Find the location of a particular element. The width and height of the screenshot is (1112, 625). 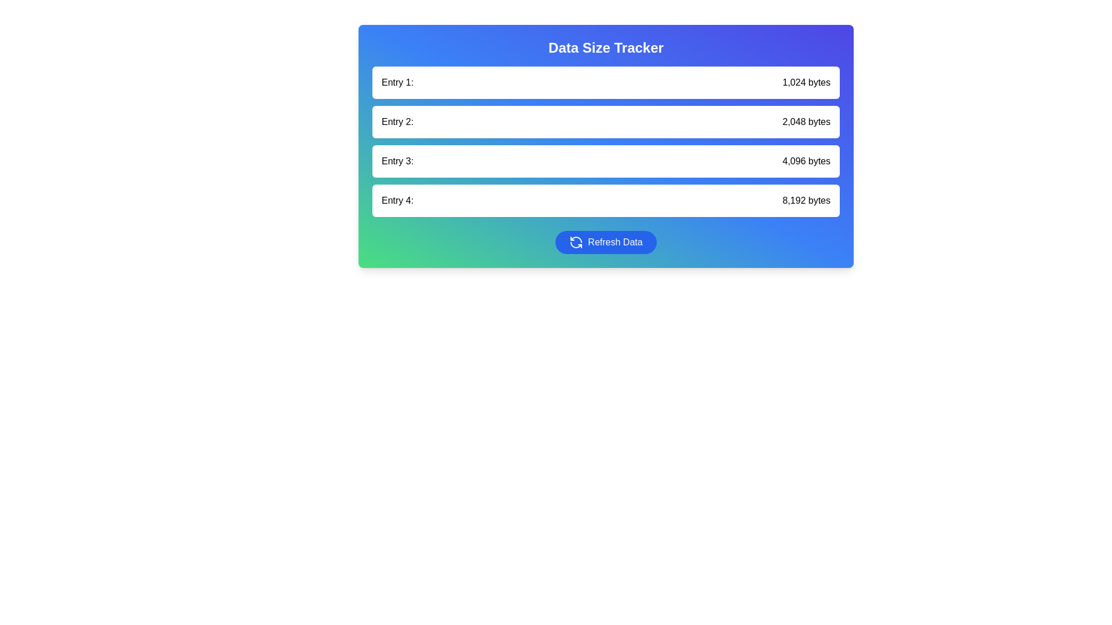

the text label displaying 'Entry 3:' to associate it with its data value is located at coordinates (397, 161).